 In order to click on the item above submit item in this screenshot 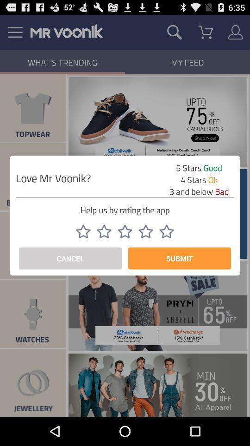, I will do `click(166, 231)`.